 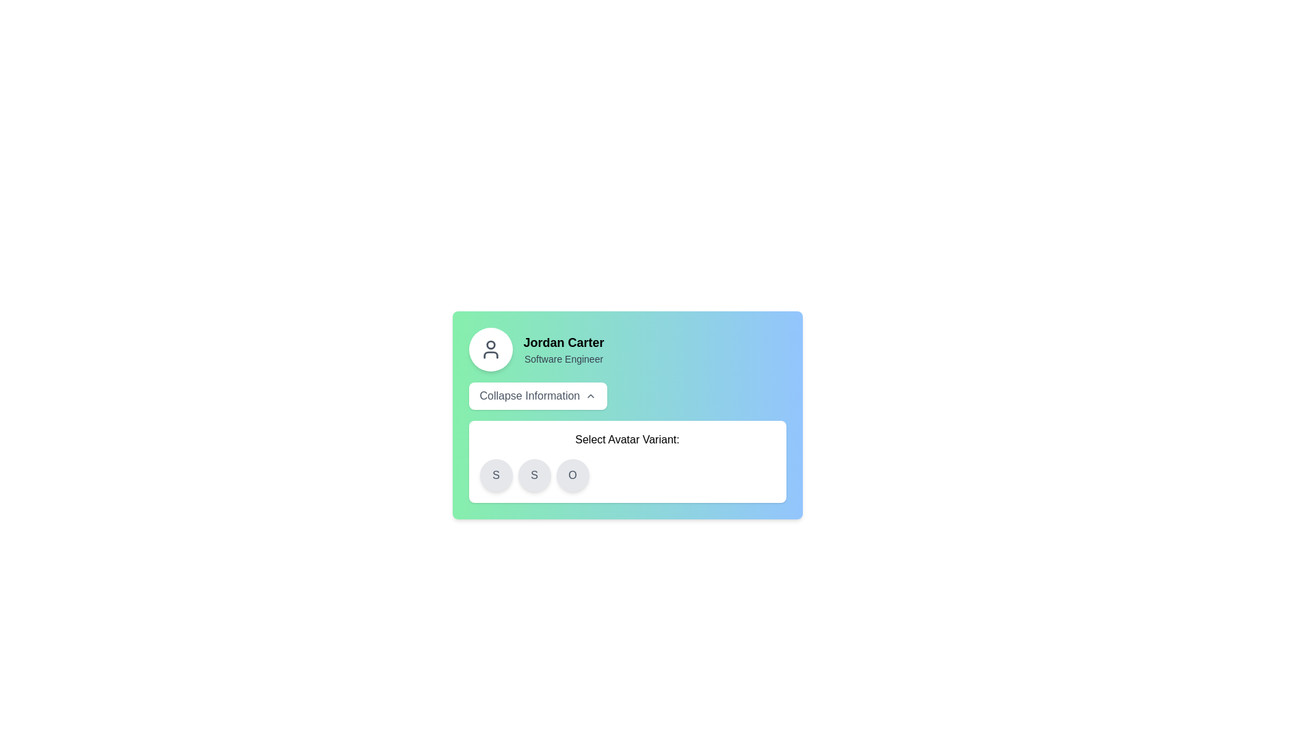 I want to click on the Text Label displaying 'Jordan Carter' and 'Software Engineer', so click(x=563, y=348).